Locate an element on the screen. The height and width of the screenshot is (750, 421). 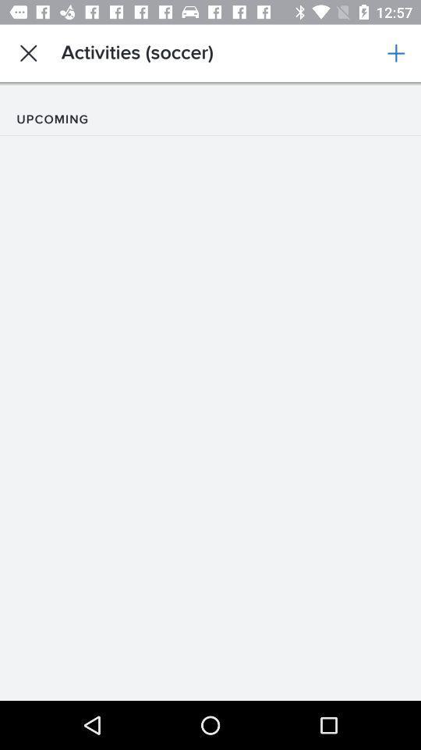
the app to the left of activities (soccer) icon is located at coordinates (28, 53).